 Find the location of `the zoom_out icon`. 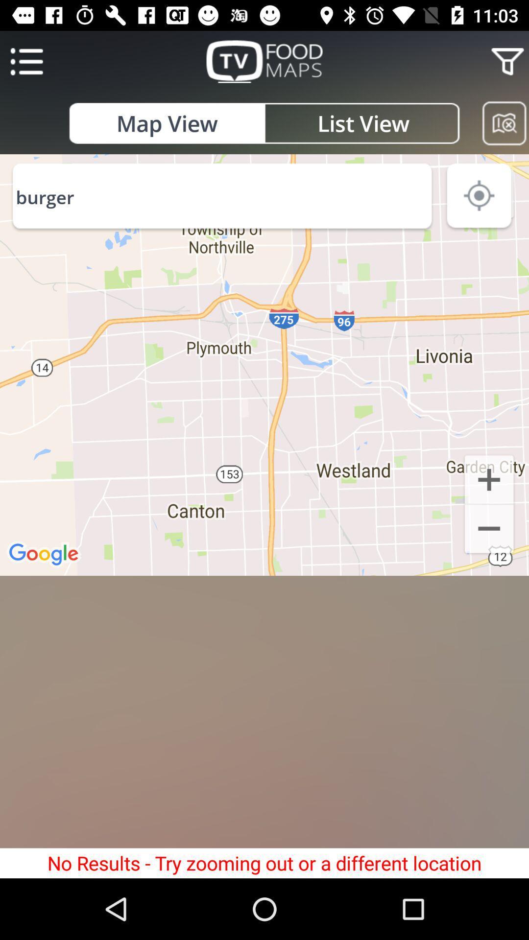

the zoom_out icon is located at coordinates (489, 530).